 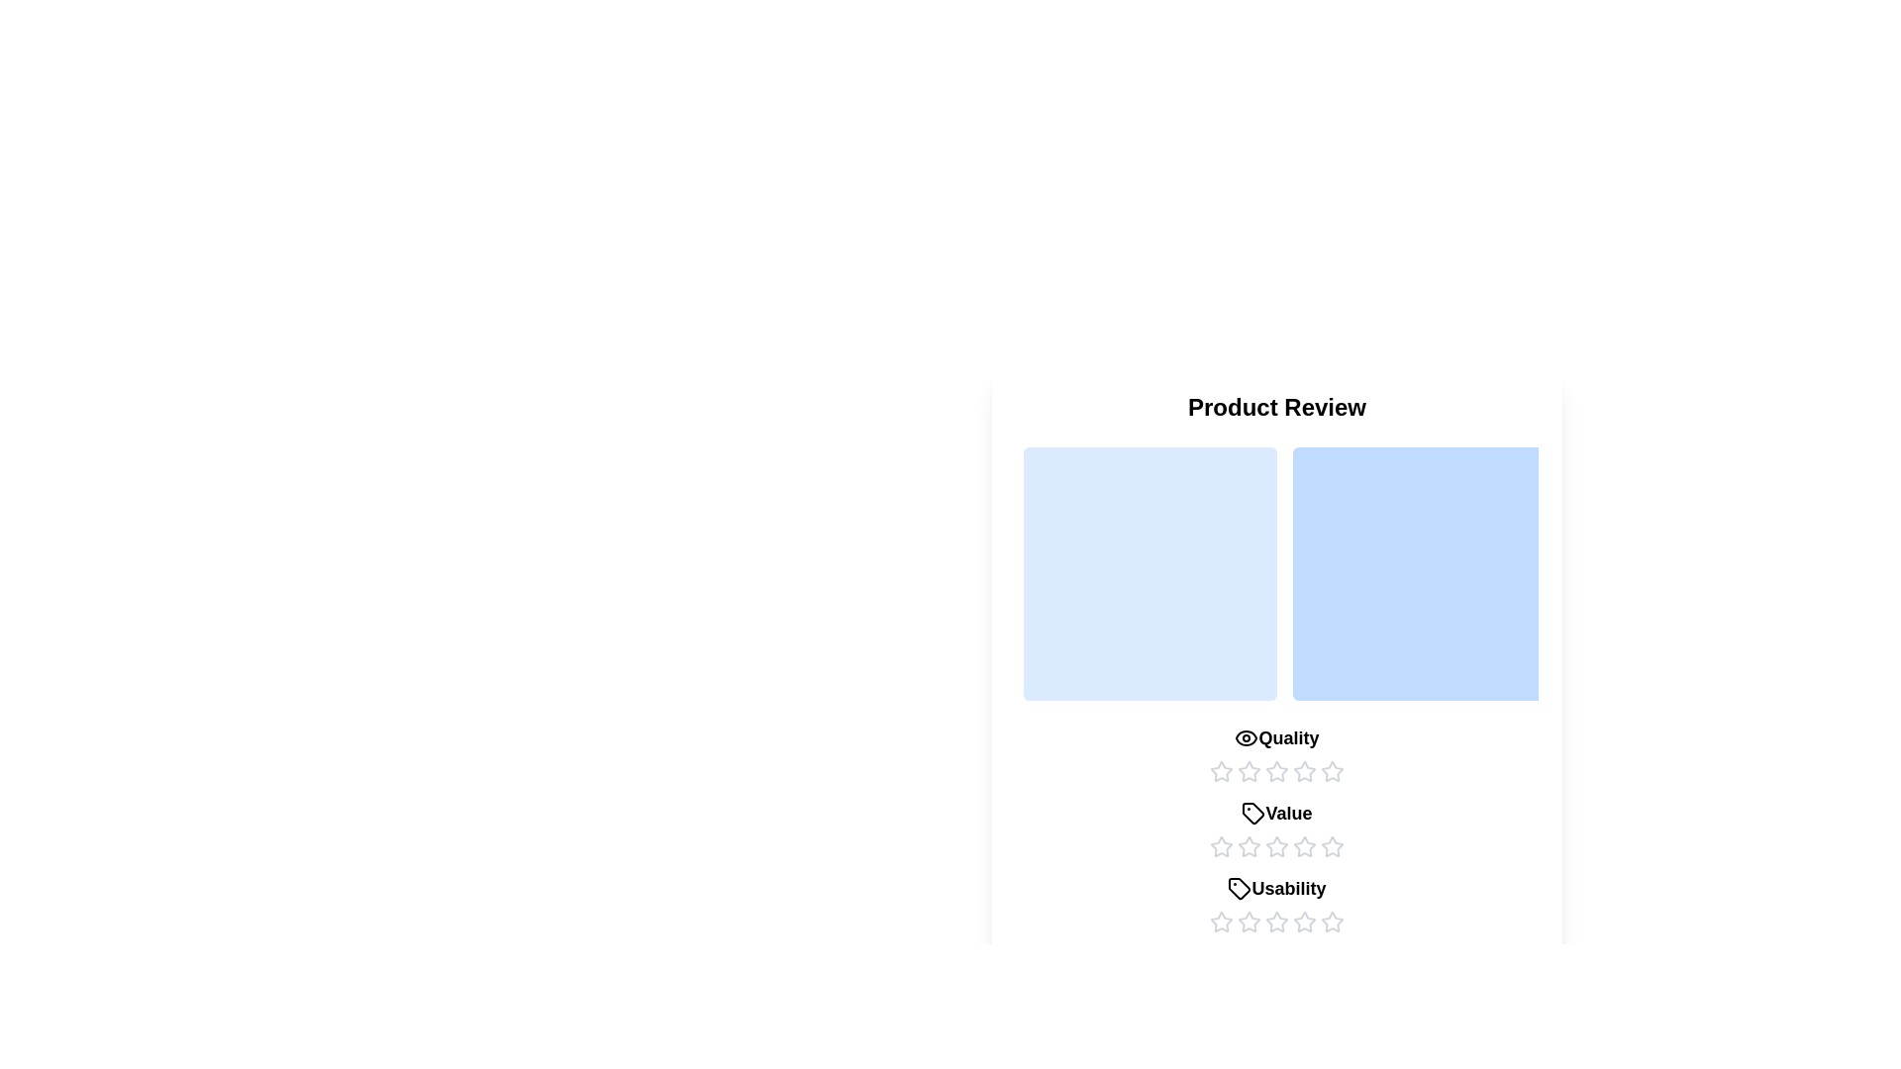 I want to click on the icon for the category Quality, so click(x=1246, y=737).